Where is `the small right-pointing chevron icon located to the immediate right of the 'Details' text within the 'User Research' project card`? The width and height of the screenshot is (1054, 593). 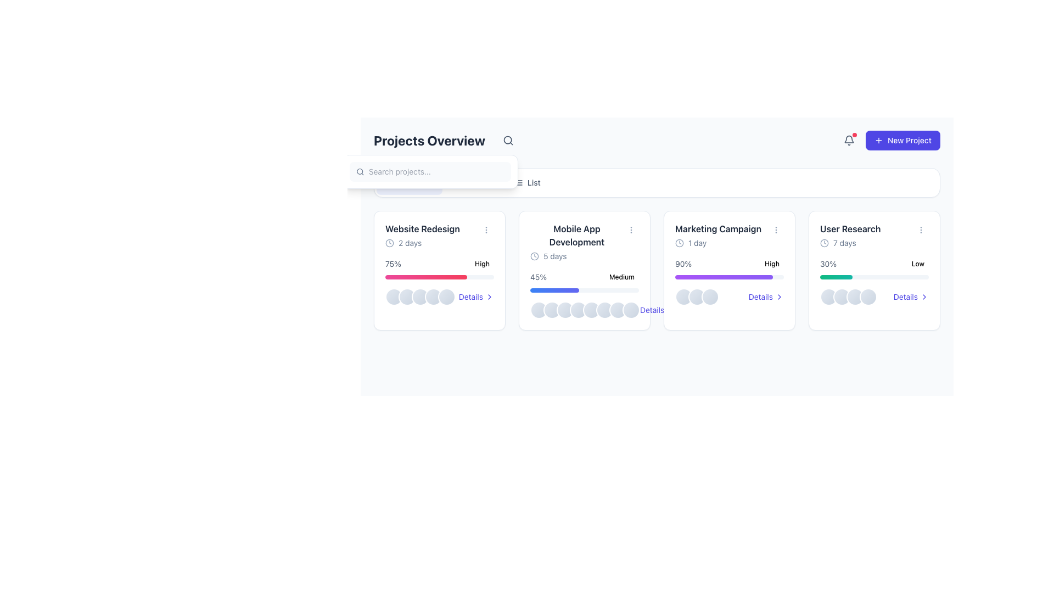
the small right-pointing chevron icon located to the immediate right of the 'Details' text within the 'User Research' project card is located at coordinates (924, 296).